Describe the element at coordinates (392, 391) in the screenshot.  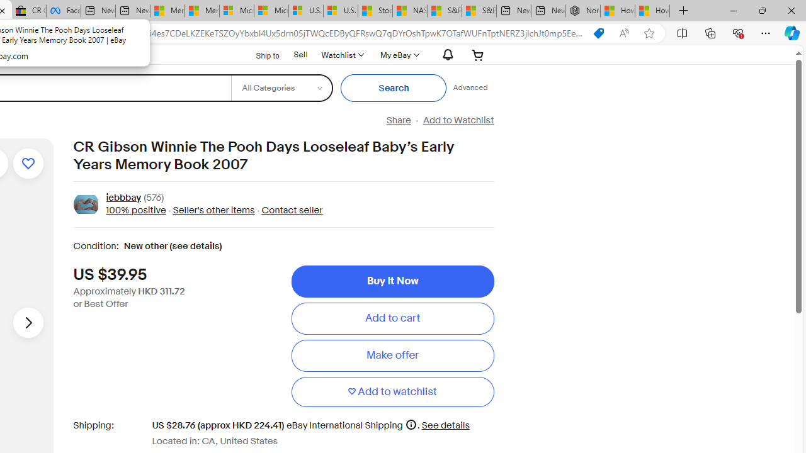
I see `'Add to watchlist'` at that location.